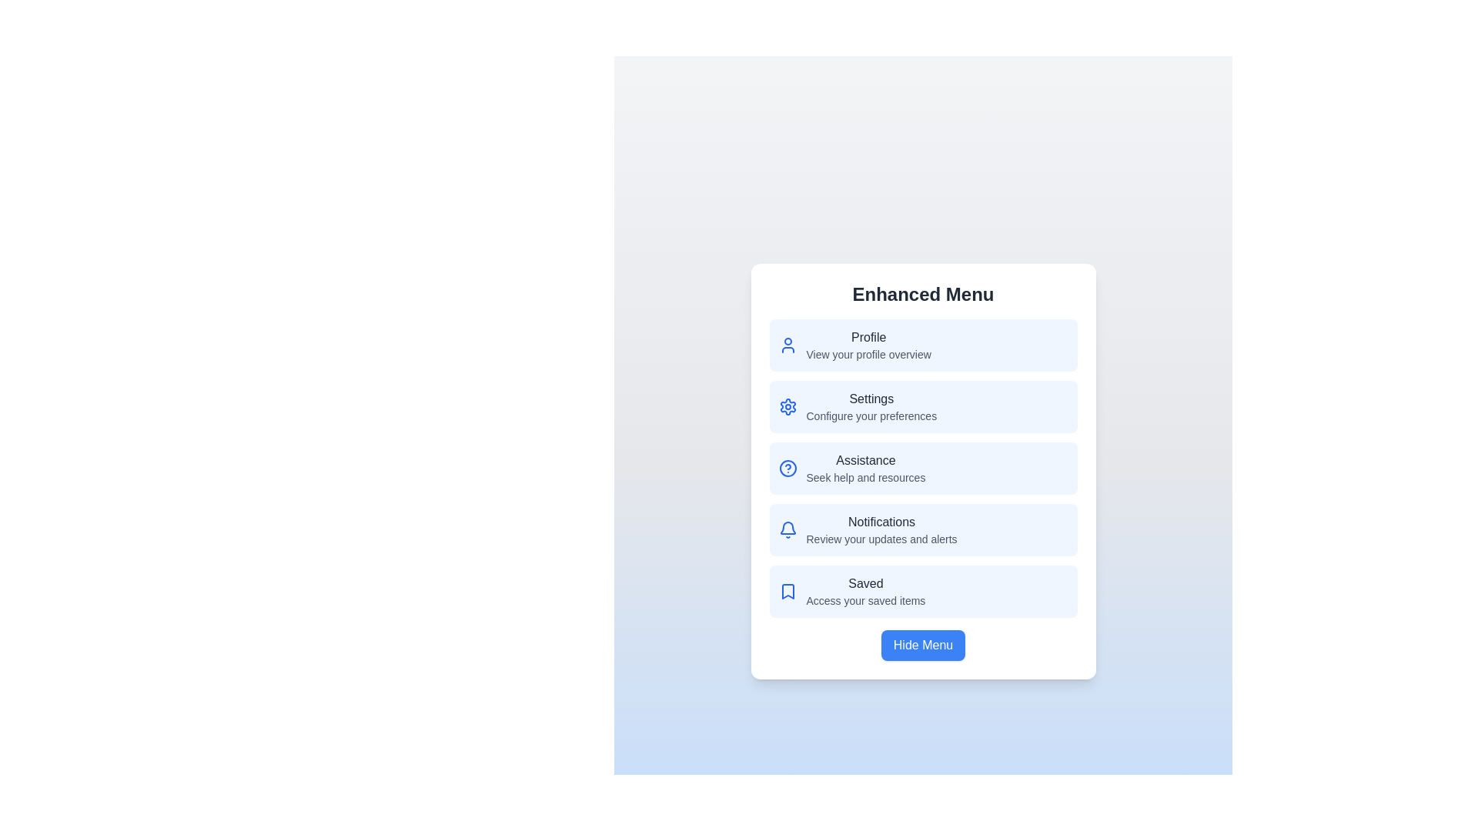 The width and height of the screenshot is (1478, 831). Describe the element at coordinates (923, 529) in the screenshot. I see `the menu option Notifications to view its details` at that location.